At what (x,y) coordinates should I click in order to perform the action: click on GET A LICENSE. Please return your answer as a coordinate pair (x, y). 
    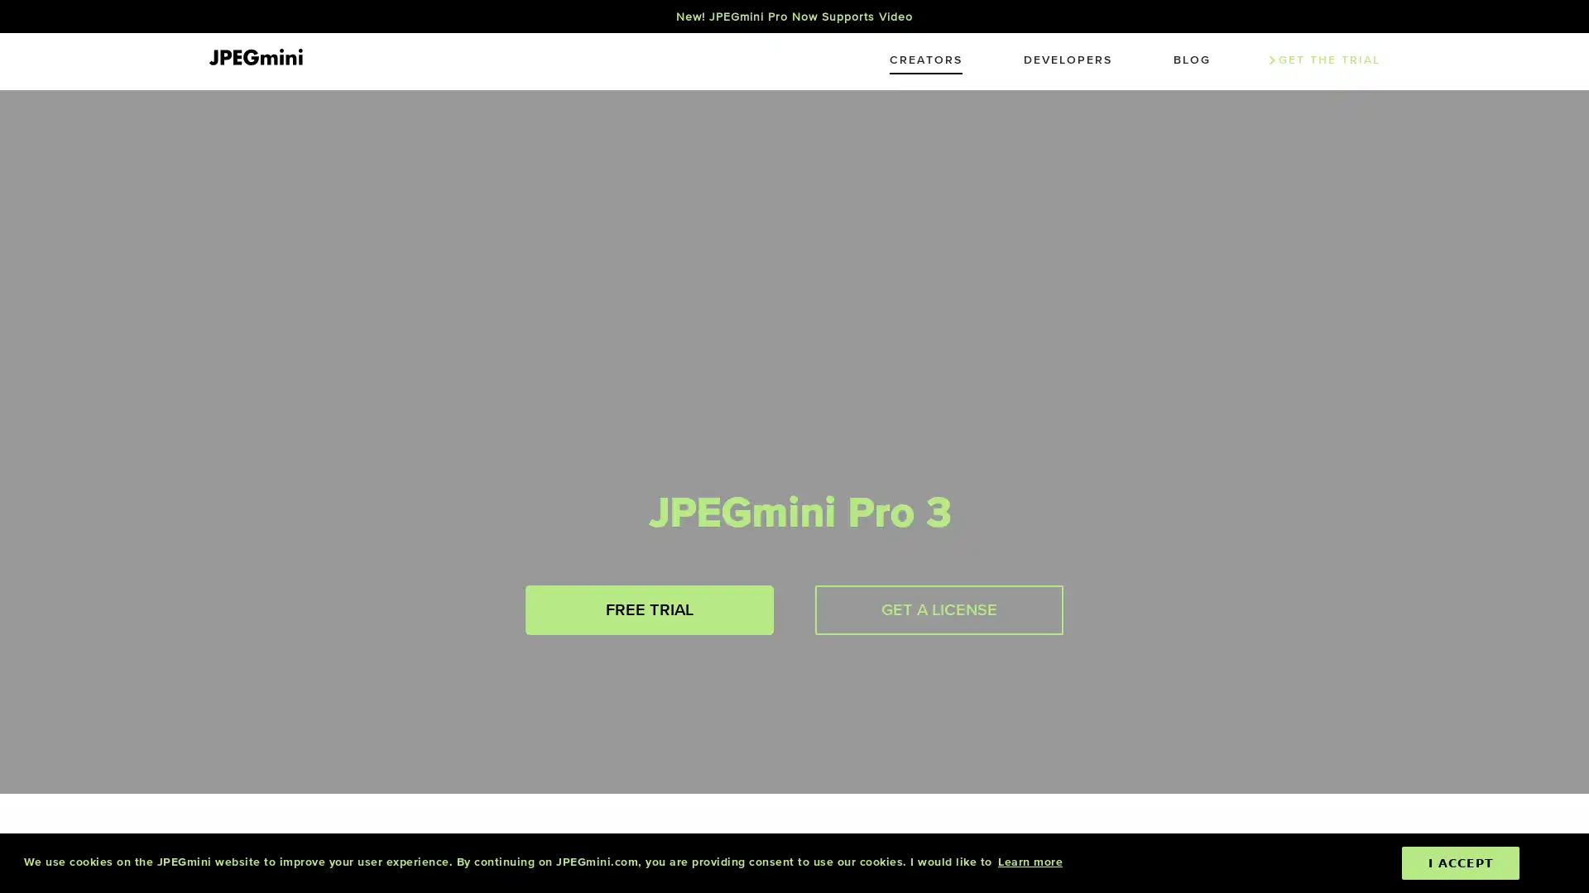
    Looking at the image, I should click on (939, 609).